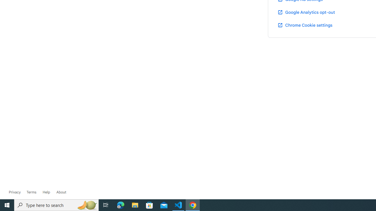 The width and height of the screenshot is (376, 211). What do you see at coordinates (193, 205) in the screenshot?
I see `'Google Chrome - 1 running window'` at bounding box center [193, 205].